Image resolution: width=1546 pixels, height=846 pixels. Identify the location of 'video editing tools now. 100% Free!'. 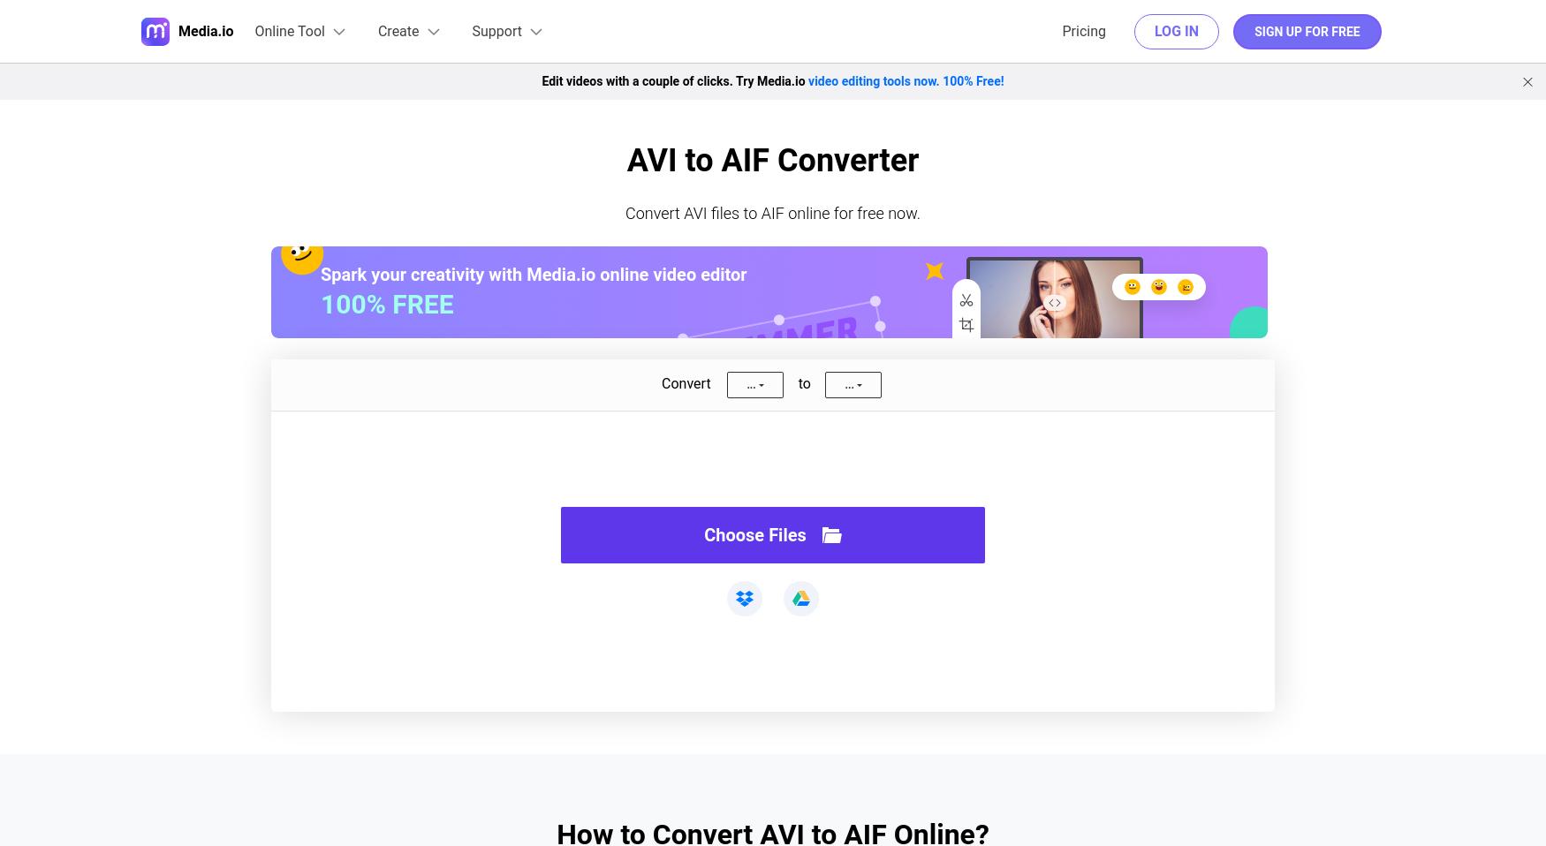
(905, 80).